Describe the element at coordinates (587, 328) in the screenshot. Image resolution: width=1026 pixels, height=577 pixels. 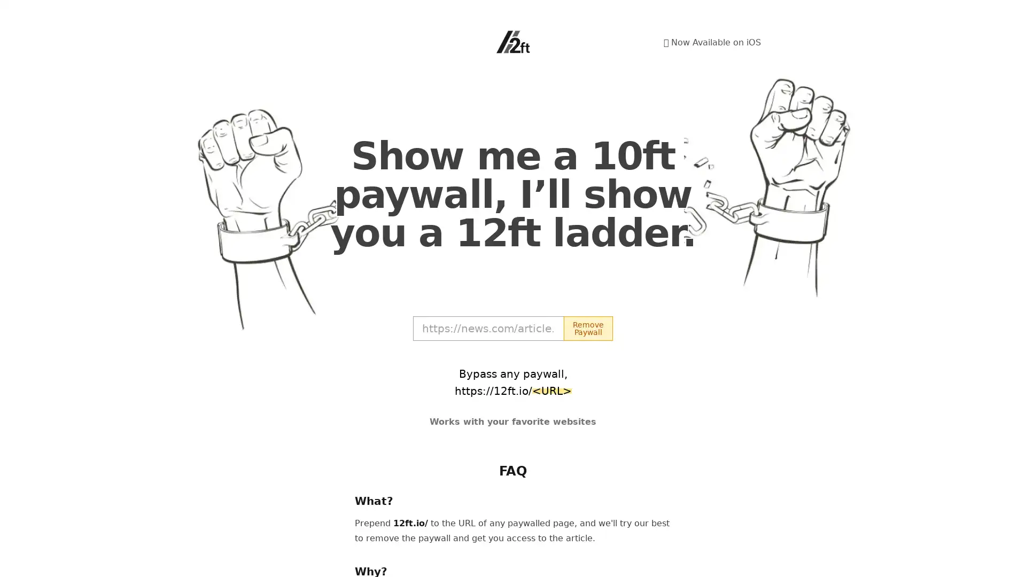
I see `Remove Paywall` at that location.